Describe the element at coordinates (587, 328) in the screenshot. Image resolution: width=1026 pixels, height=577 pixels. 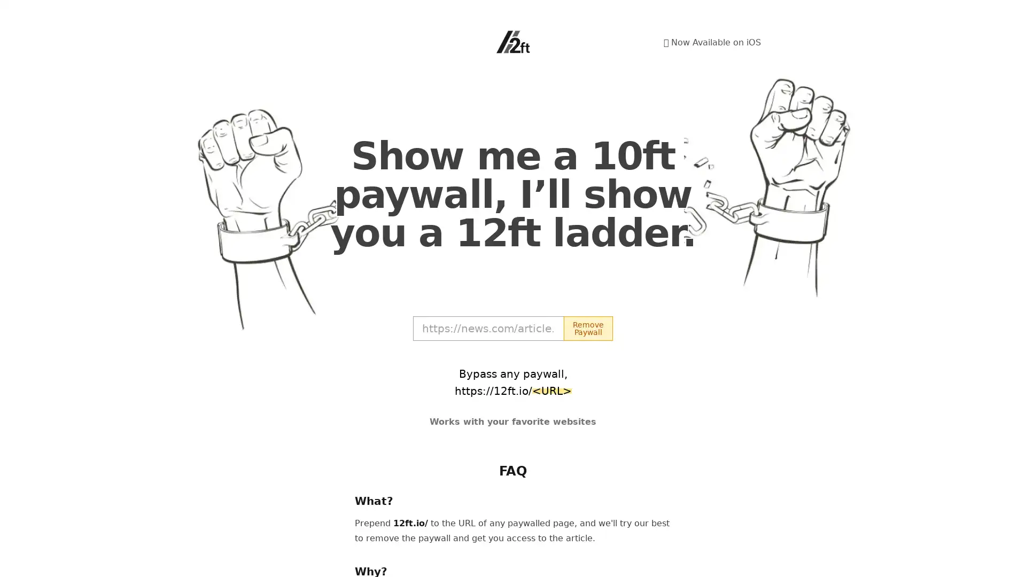
I see `Remove Paywall` at that location.